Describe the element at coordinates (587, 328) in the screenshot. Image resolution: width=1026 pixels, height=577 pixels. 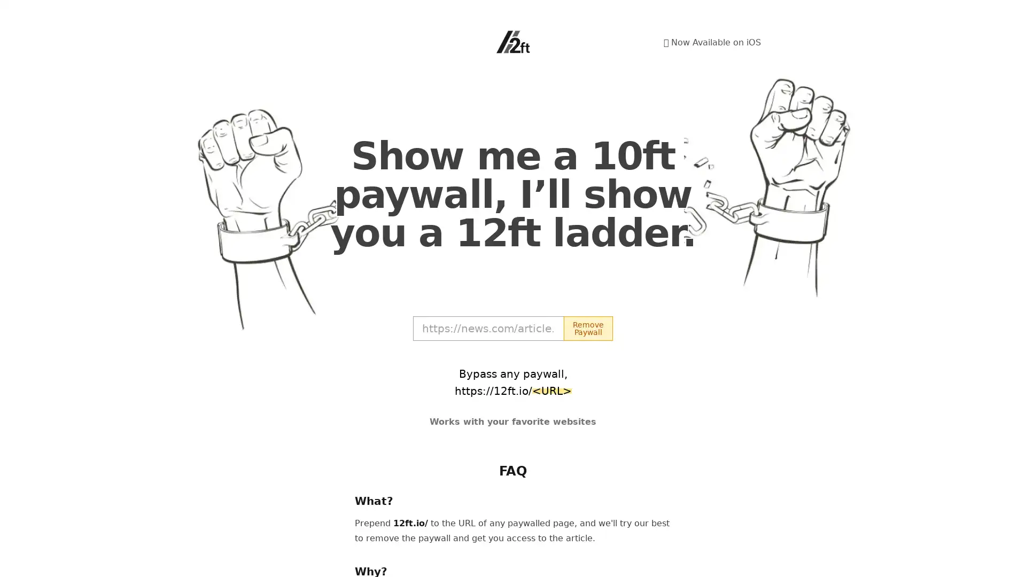
I see `Remove Paywall` at that location.